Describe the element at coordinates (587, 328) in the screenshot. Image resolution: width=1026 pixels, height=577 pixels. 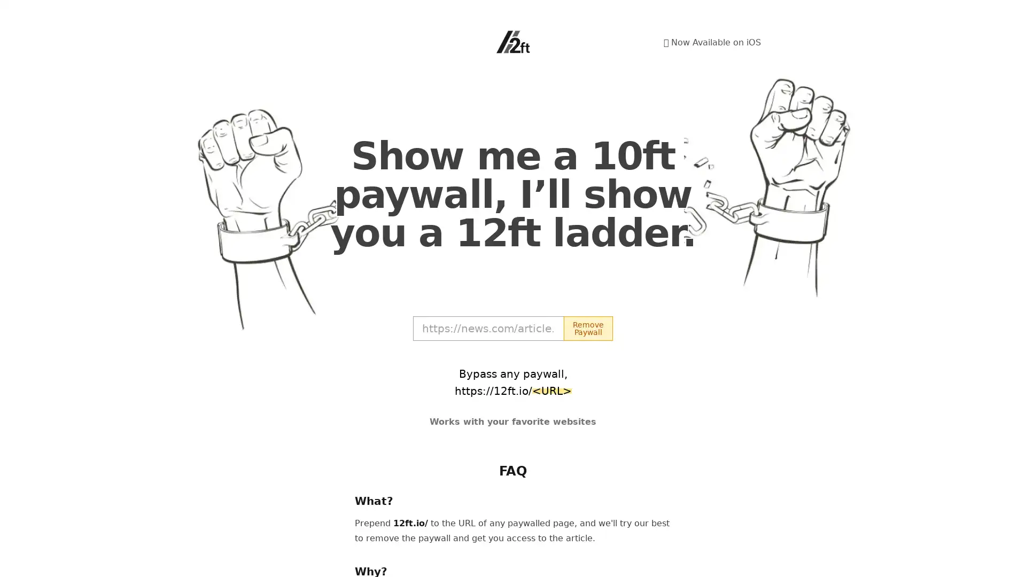
I see `Remove Paywall` at that location.